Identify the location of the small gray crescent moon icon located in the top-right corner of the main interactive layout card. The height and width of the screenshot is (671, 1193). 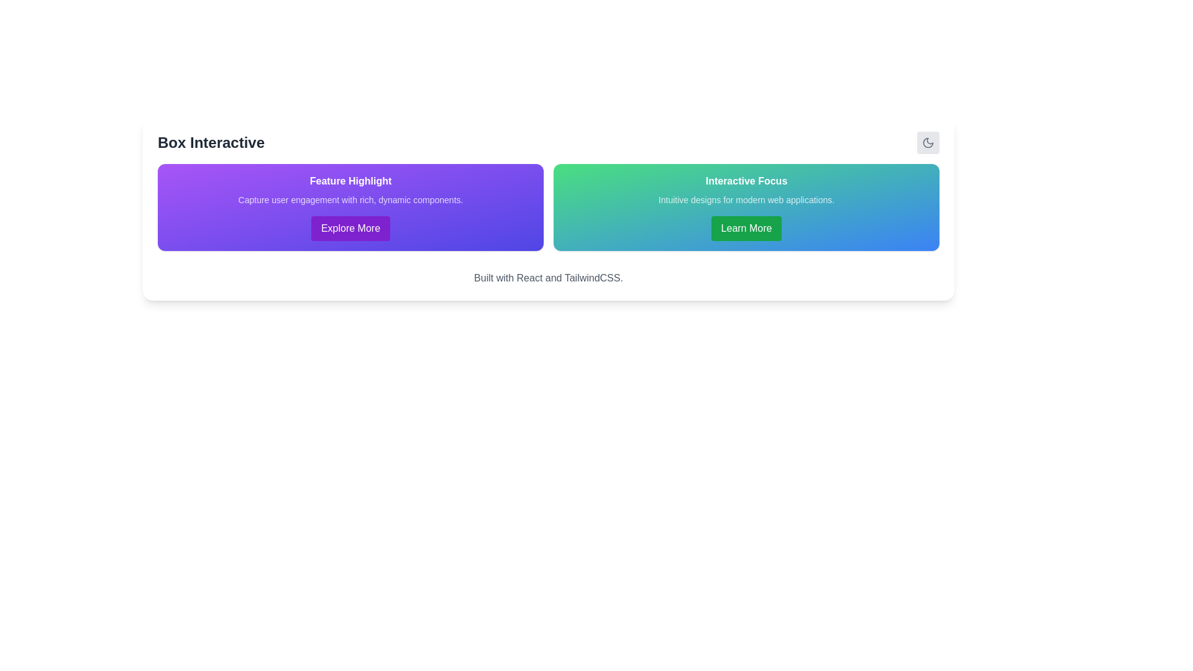
(928, 142).